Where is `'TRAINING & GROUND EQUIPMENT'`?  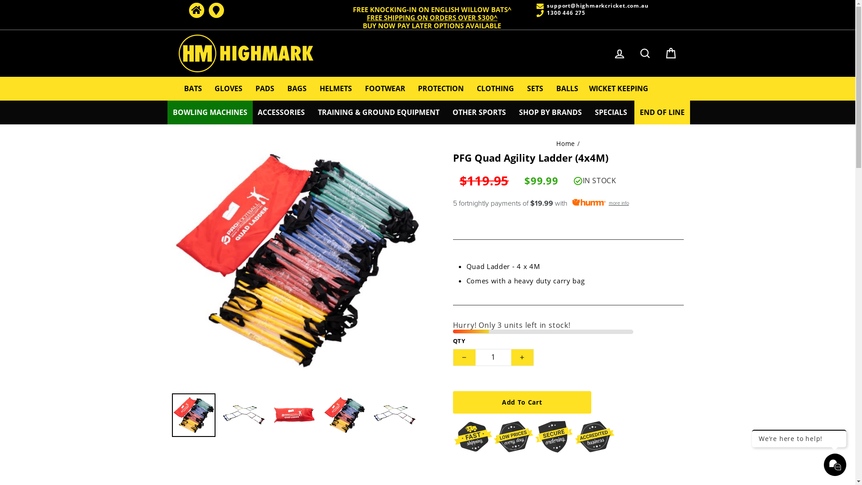 'TRAINING & GROUND EQUIPMENT' is located at coordinates (378, 112).